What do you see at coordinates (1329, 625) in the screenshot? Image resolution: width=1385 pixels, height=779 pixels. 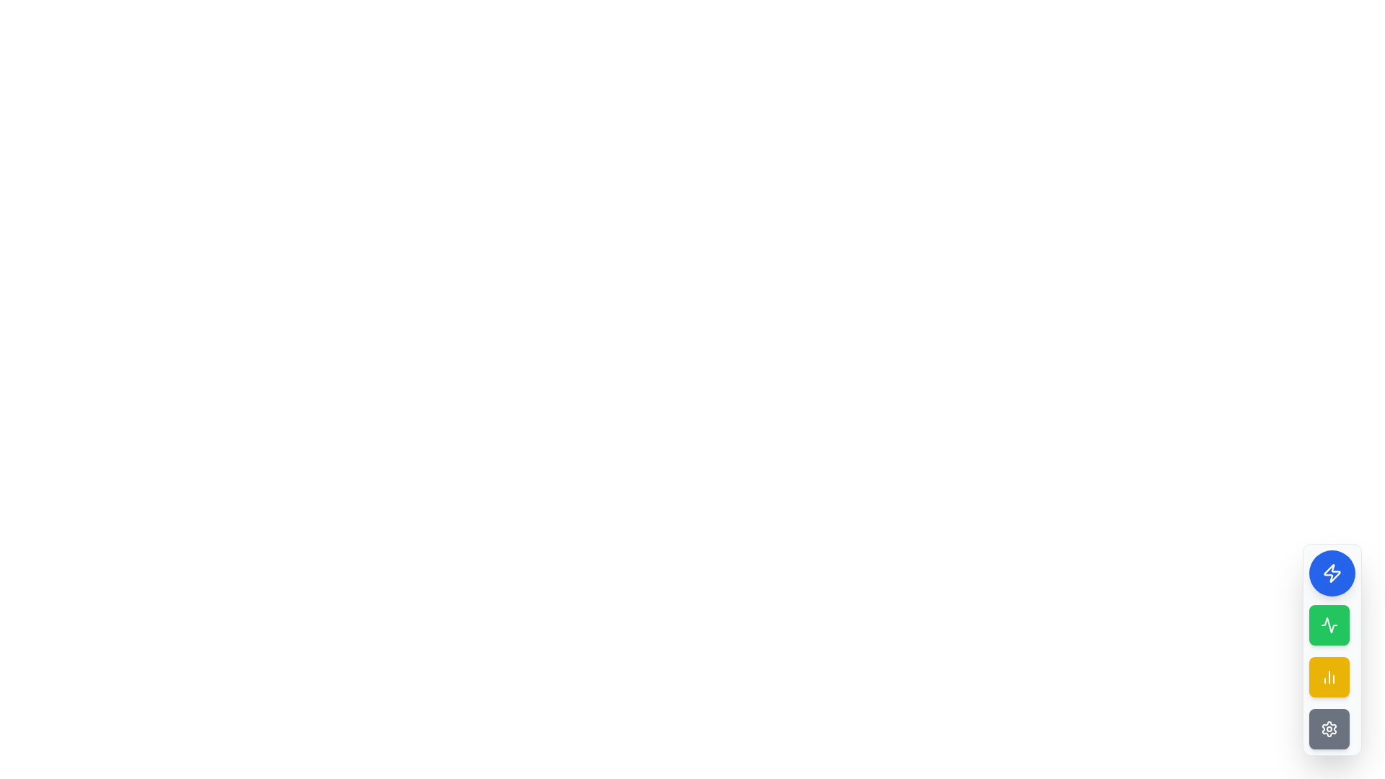 I see `the small SVG activity icon embedded in the second green button located on the right side of the interface` at bounding box center [1329, 625].